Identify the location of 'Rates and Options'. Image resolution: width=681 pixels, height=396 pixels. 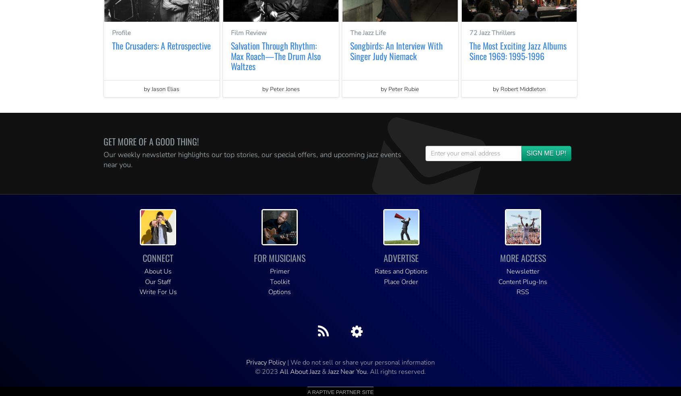
(401, 271).